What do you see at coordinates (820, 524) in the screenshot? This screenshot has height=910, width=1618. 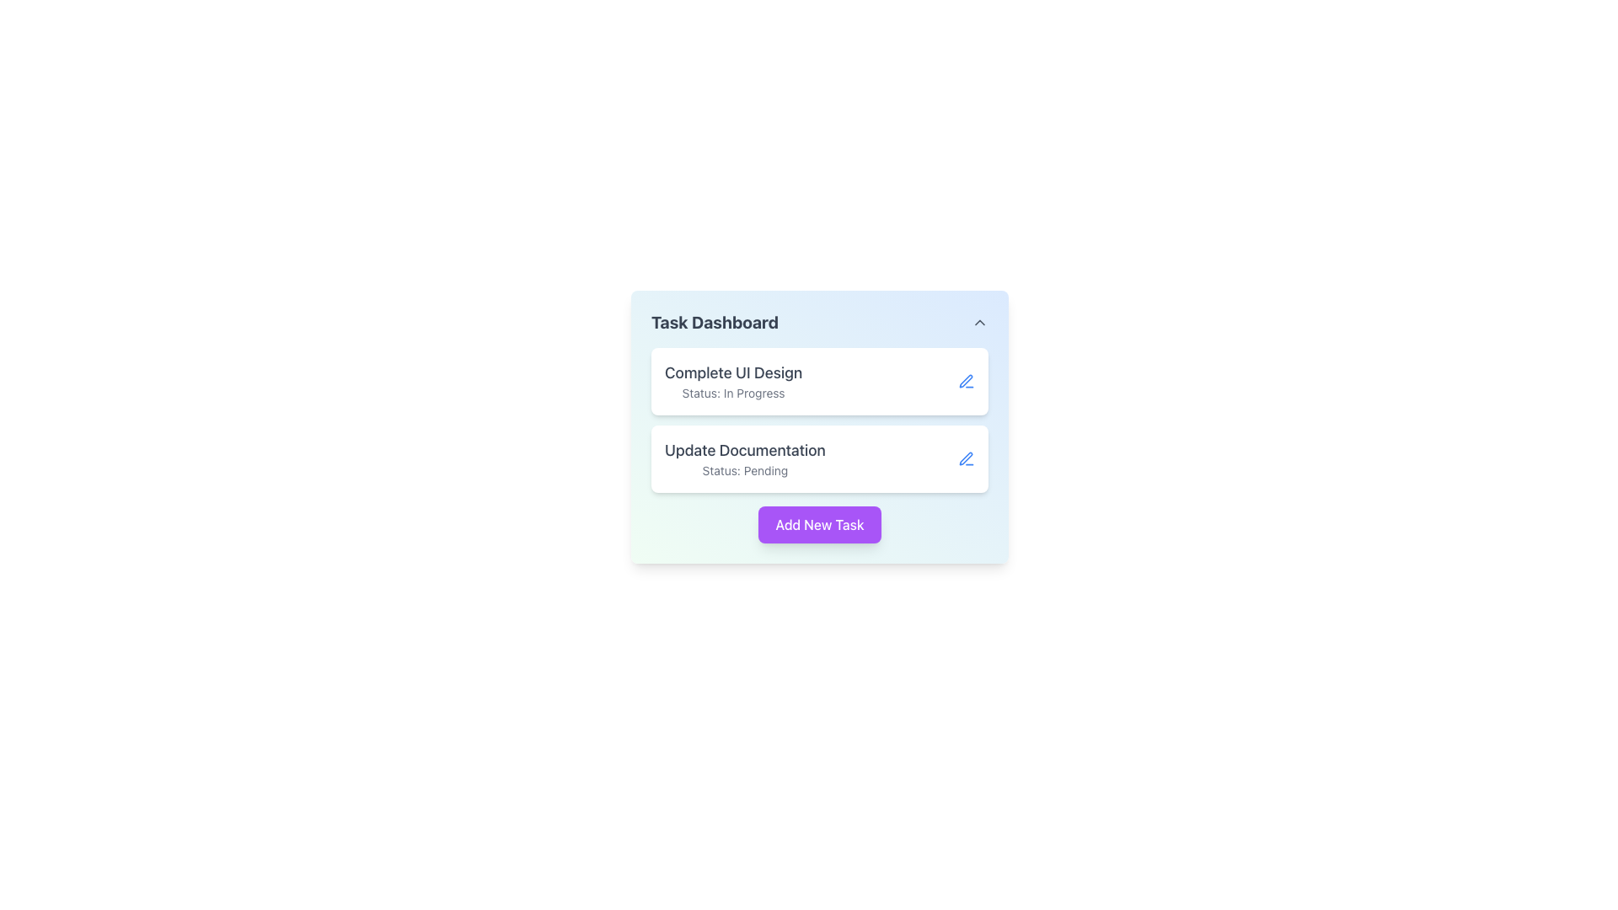 I see `the 'Add New Task' button with a vibrant purple background and white text, located at the bottom of the 'Task Dashboard' panel, to change its background color` at bounding box center [820, 524].